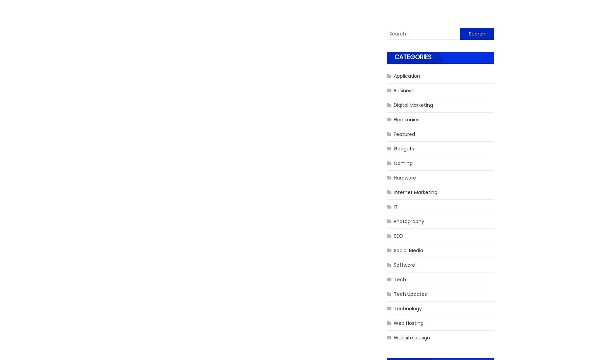  Describe the element at coordinates (395, 206) in the screenshot. I see `'IT'` at that location.